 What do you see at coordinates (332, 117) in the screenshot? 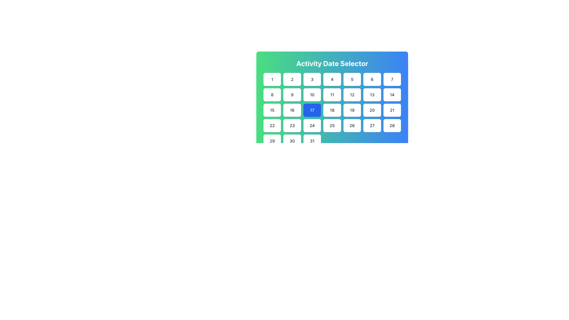
I see `the specific date in the calendar UI component` at bounding box center [332, 117].